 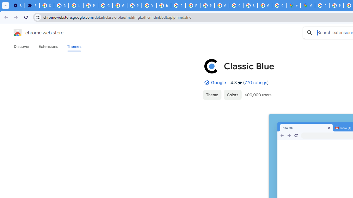 What do you see at coordinates (279, 5) in the screenshot?
I see `'Create your Google Account'` at bounding box center [279, 5].